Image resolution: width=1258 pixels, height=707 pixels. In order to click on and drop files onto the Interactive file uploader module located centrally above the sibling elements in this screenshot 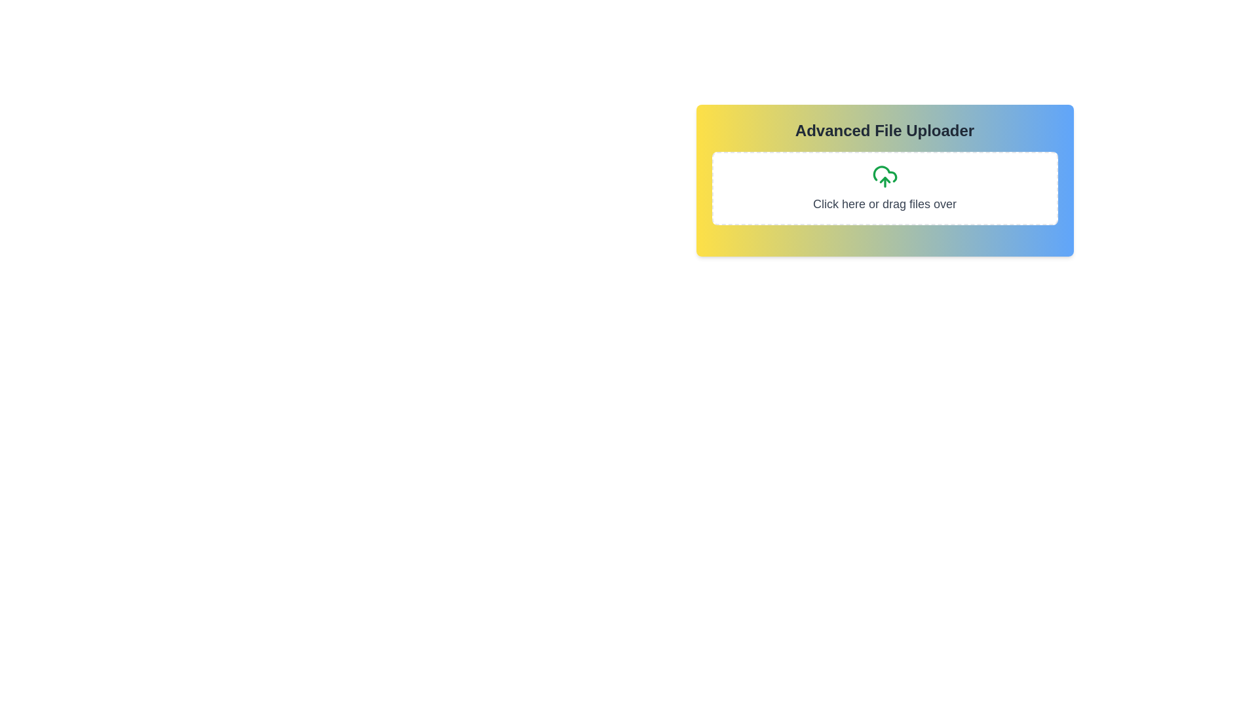, I will do `click(885, 181)`.